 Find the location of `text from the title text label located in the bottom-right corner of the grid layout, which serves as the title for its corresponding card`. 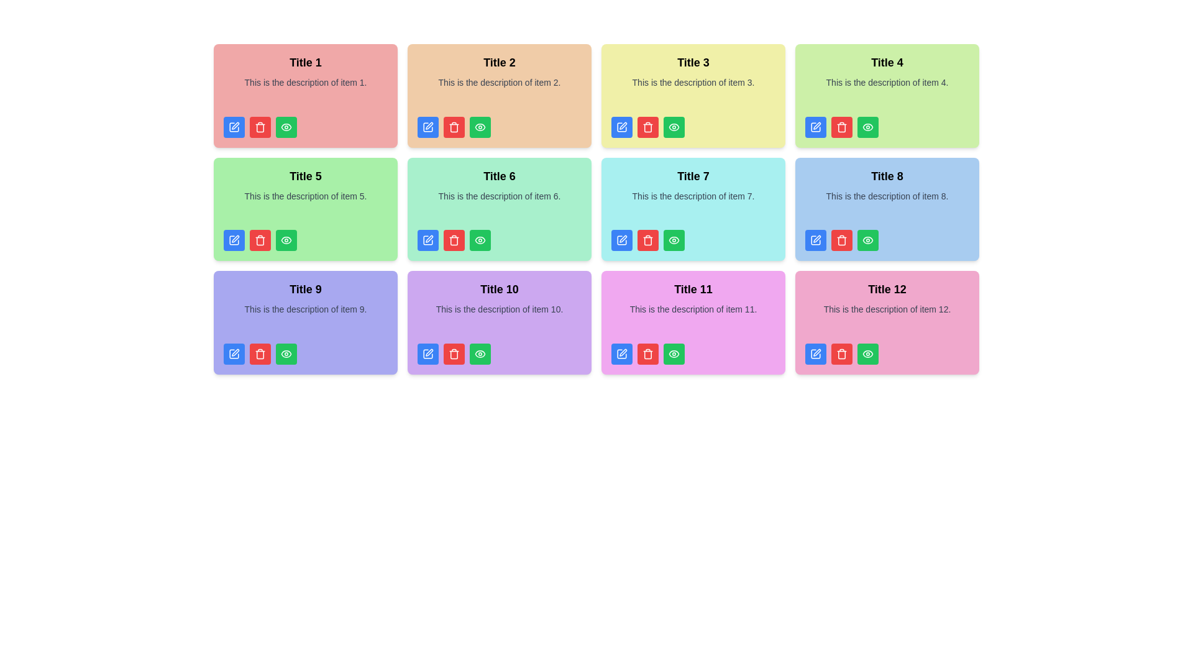

text from the title text label located in the bottom-right corner of the grid layout, which serves as the title for its corresponding card is located at coordinates (887, 290).